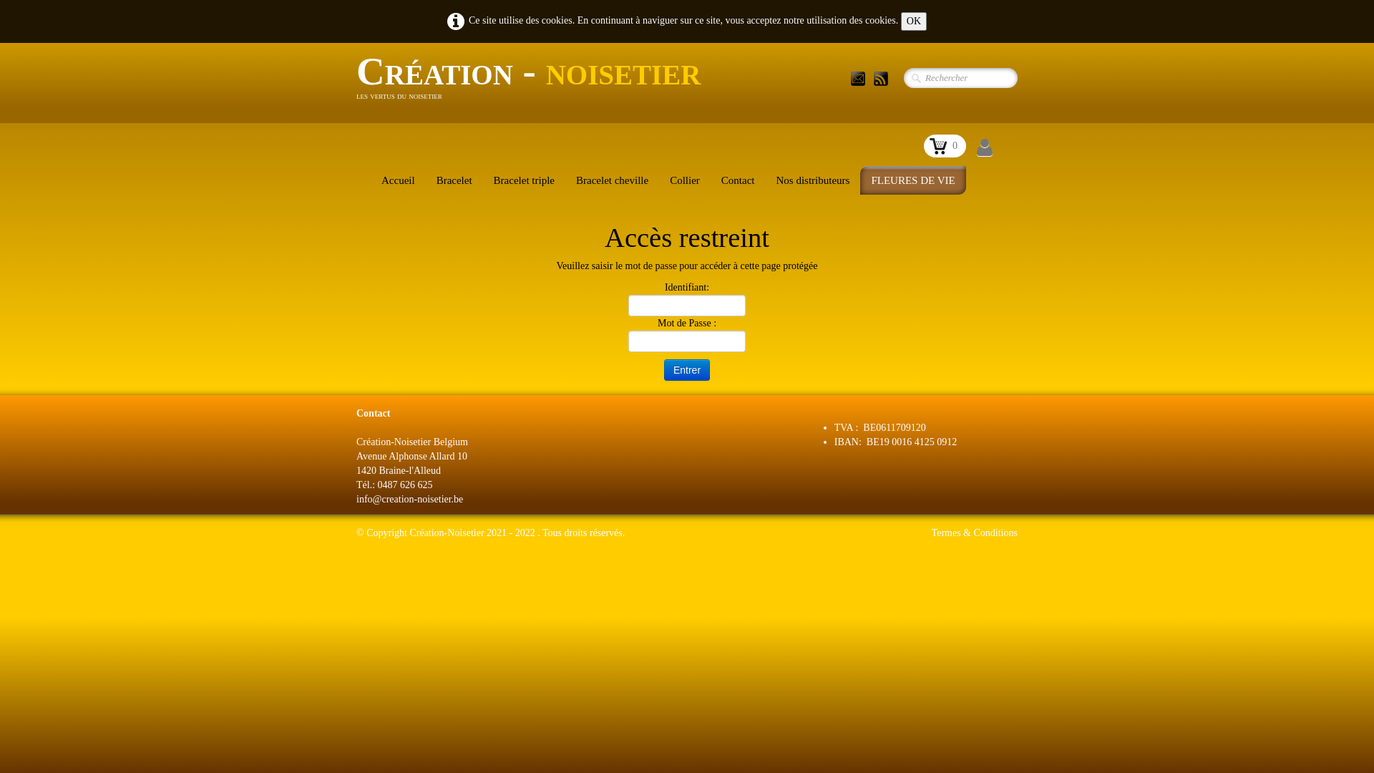 The width and height of the screenshot is (1374, 773). Describe the element at coordinates (612, 179) in the screenshot. I see `'Bracelet cheville'` at that location.